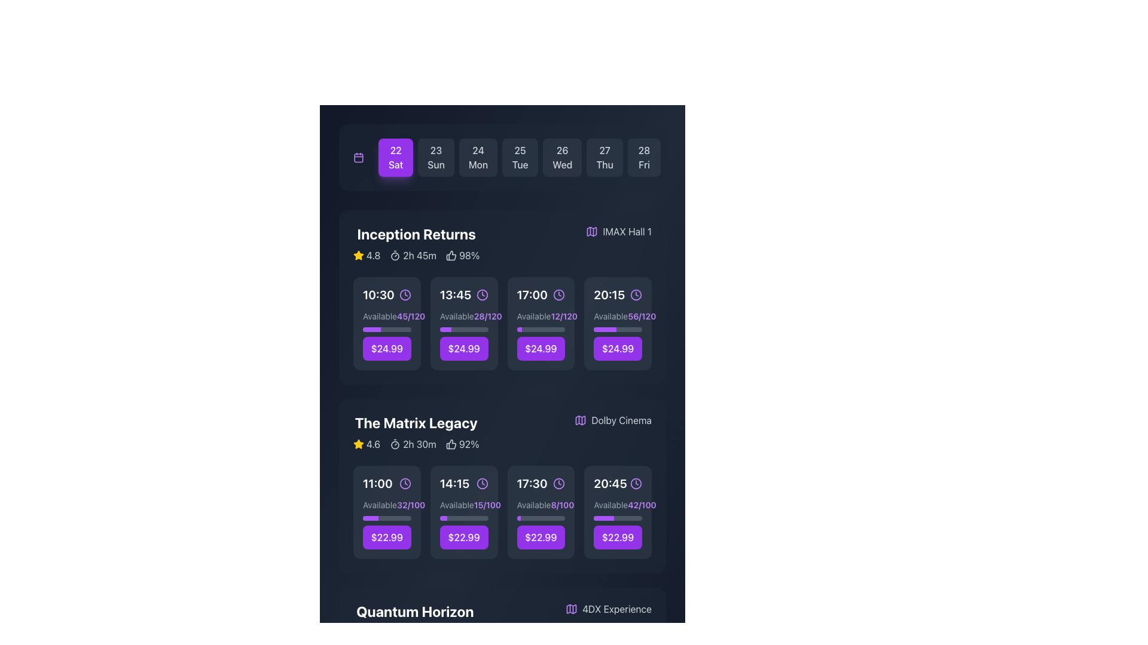  Describe the element at coordinates (502, 511) in the screenshot. I see `the grid of cards element located below 'The Matrix Legacy'` at that location.